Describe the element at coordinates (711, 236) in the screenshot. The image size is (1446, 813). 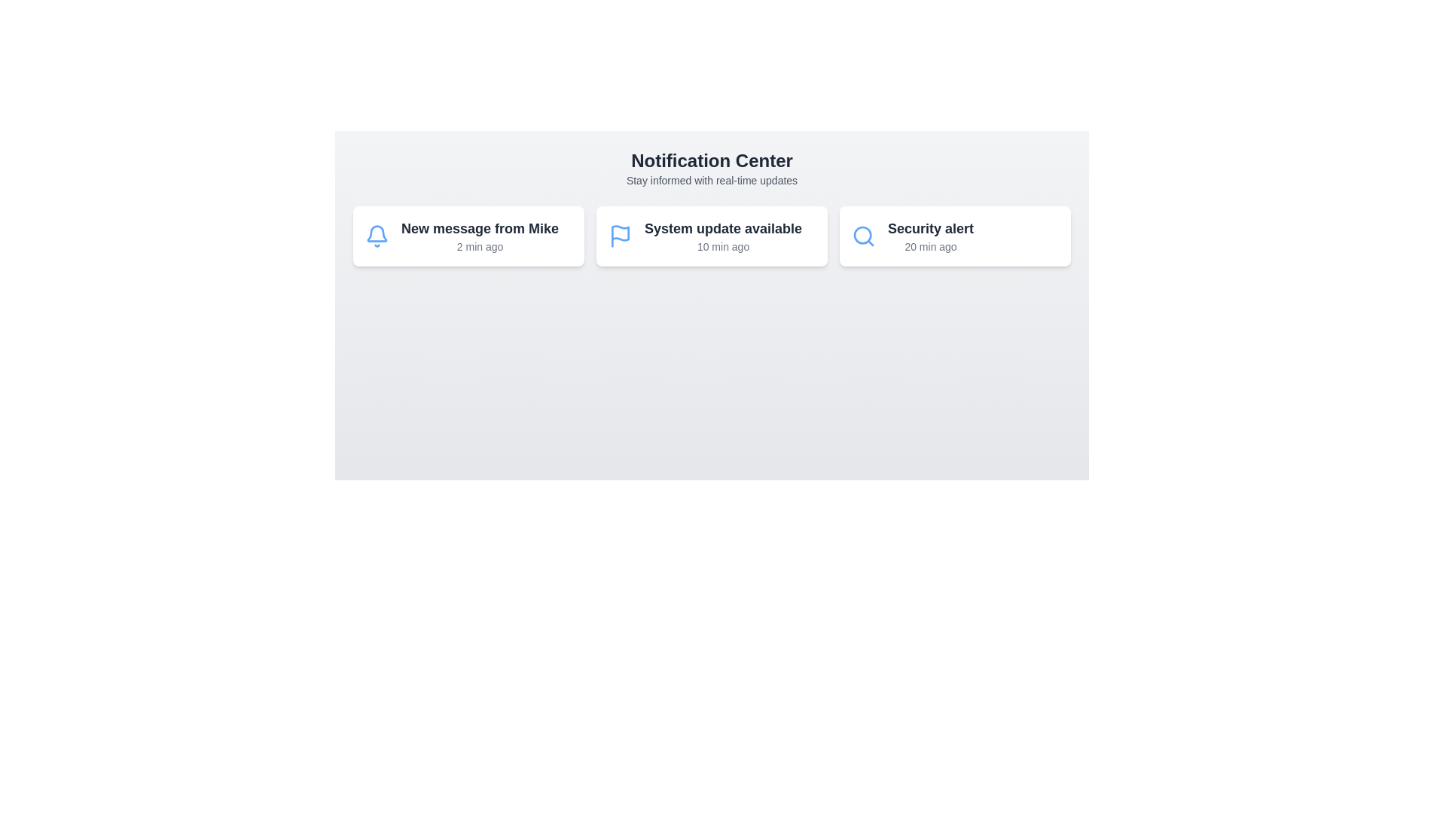
I see `the Notification card that informs the user about a system update that occurred 10 minutes ago` at that location.